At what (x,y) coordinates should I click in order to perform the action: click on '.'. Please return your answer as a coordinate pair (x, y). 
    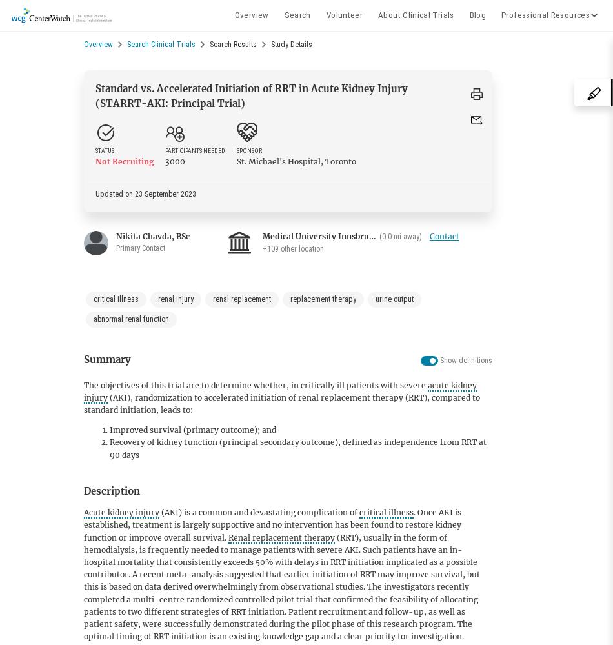
    Looking at the image, I should click on (414, 512).